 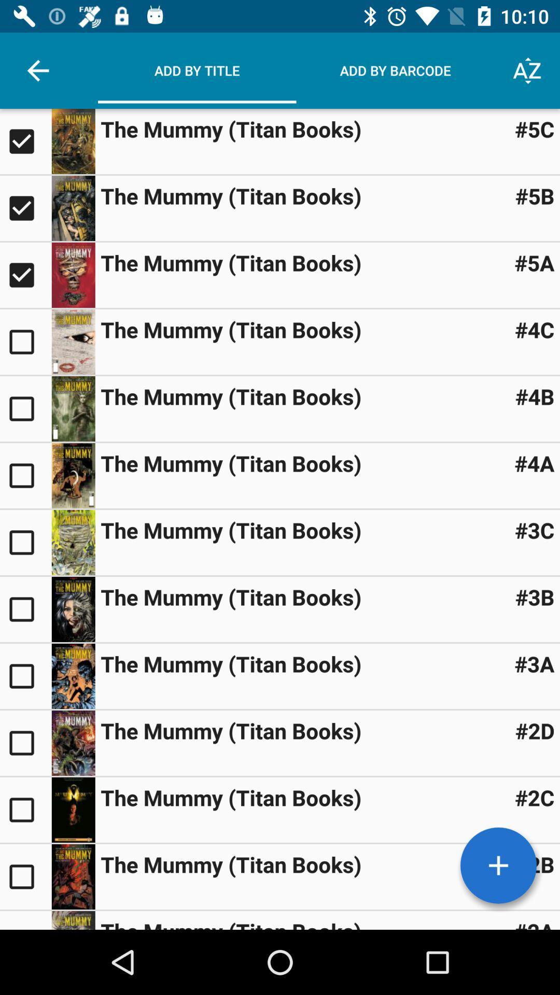 I want to click on image to enlarge, so click(x=73, y=542).